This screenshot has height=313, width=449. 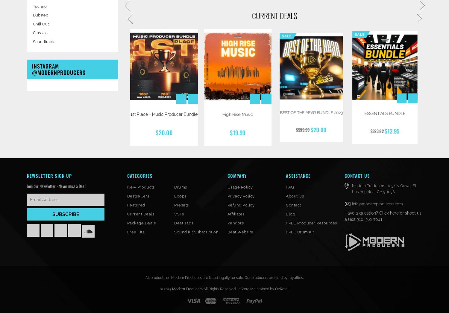 What do you see at coordinates (377, 132) in the screenshot?
I see `'$323.82'` at bounding box center [377, 132].